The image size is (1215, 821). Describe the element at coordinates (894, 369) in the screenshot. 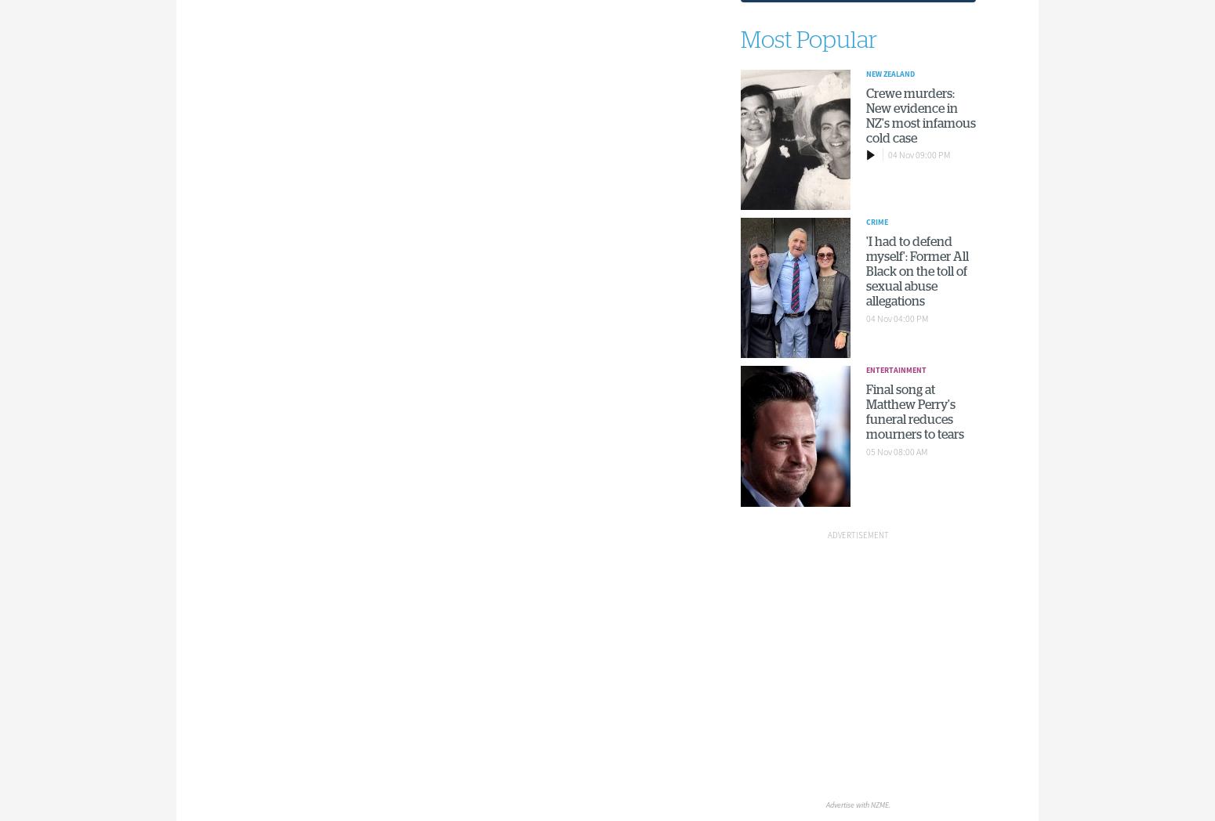

I see `'Entertainment'` at that location.